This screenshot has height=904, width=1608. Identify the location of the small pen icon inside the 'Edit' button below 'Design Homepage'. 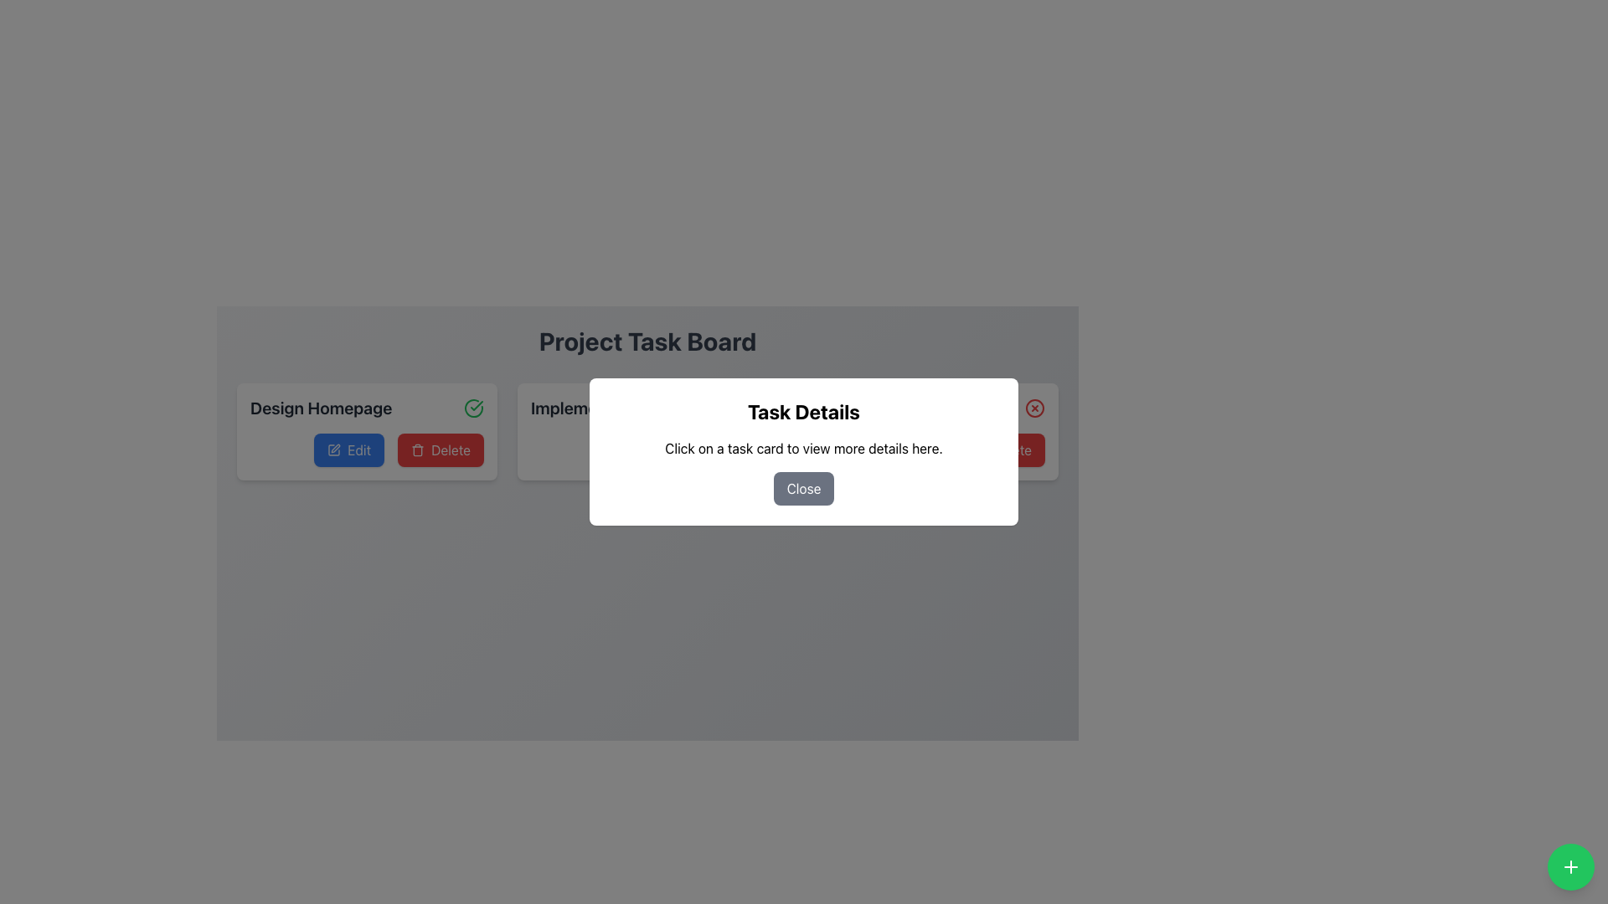
(335, 448).